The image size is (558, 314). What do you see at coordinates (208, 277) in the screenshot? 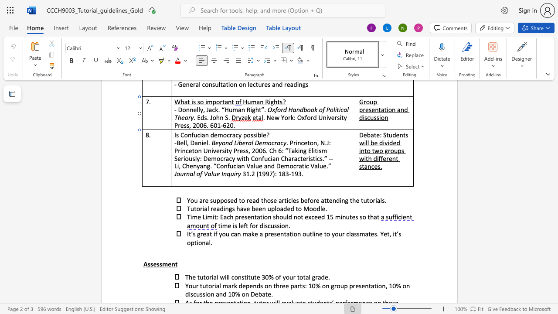
I see `the space between the continuous character "o" and "r" in the text` at bounding box center [208, 277].